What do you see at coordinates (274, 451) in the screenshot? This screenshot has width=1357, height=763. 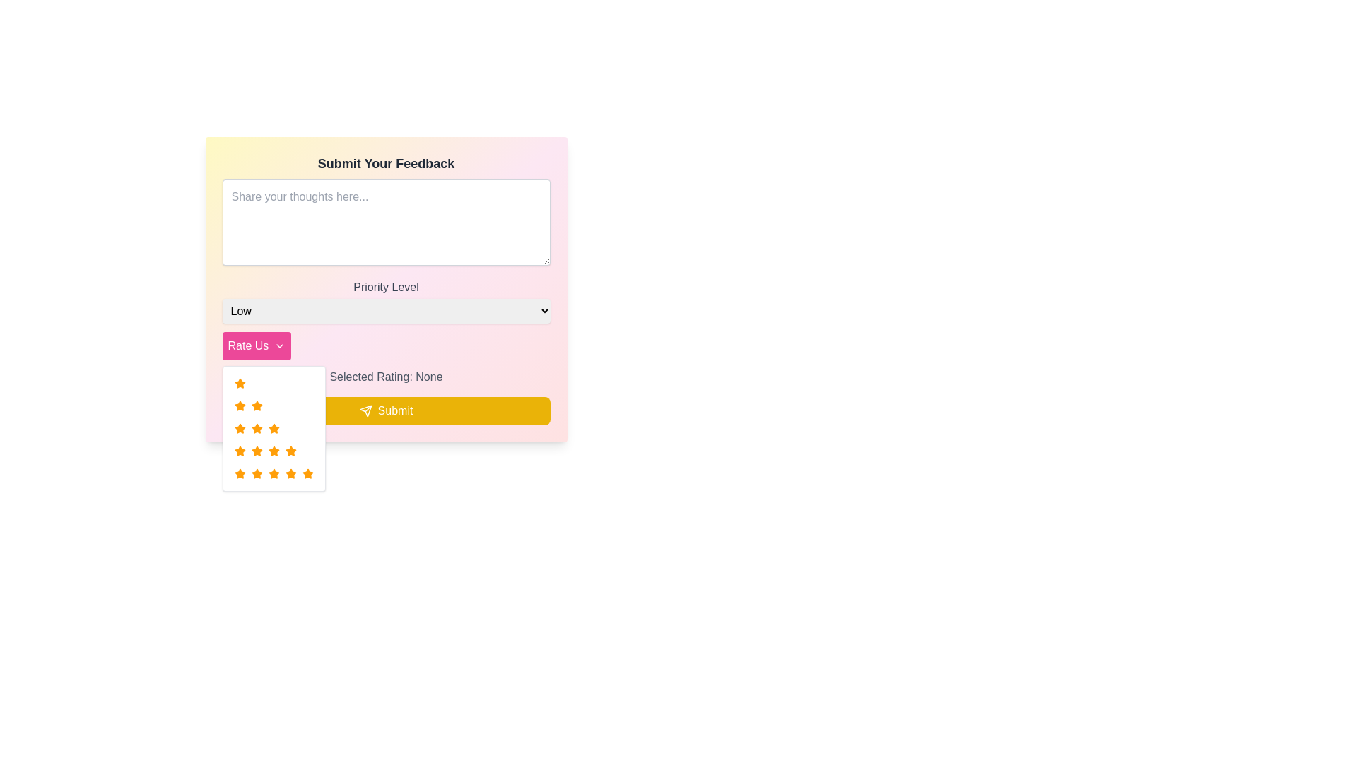 I see `the second star in the star rating system located in the dropdown menu below the 'Rate Us' button to indicate a rating` at bounding box center [274, 451].